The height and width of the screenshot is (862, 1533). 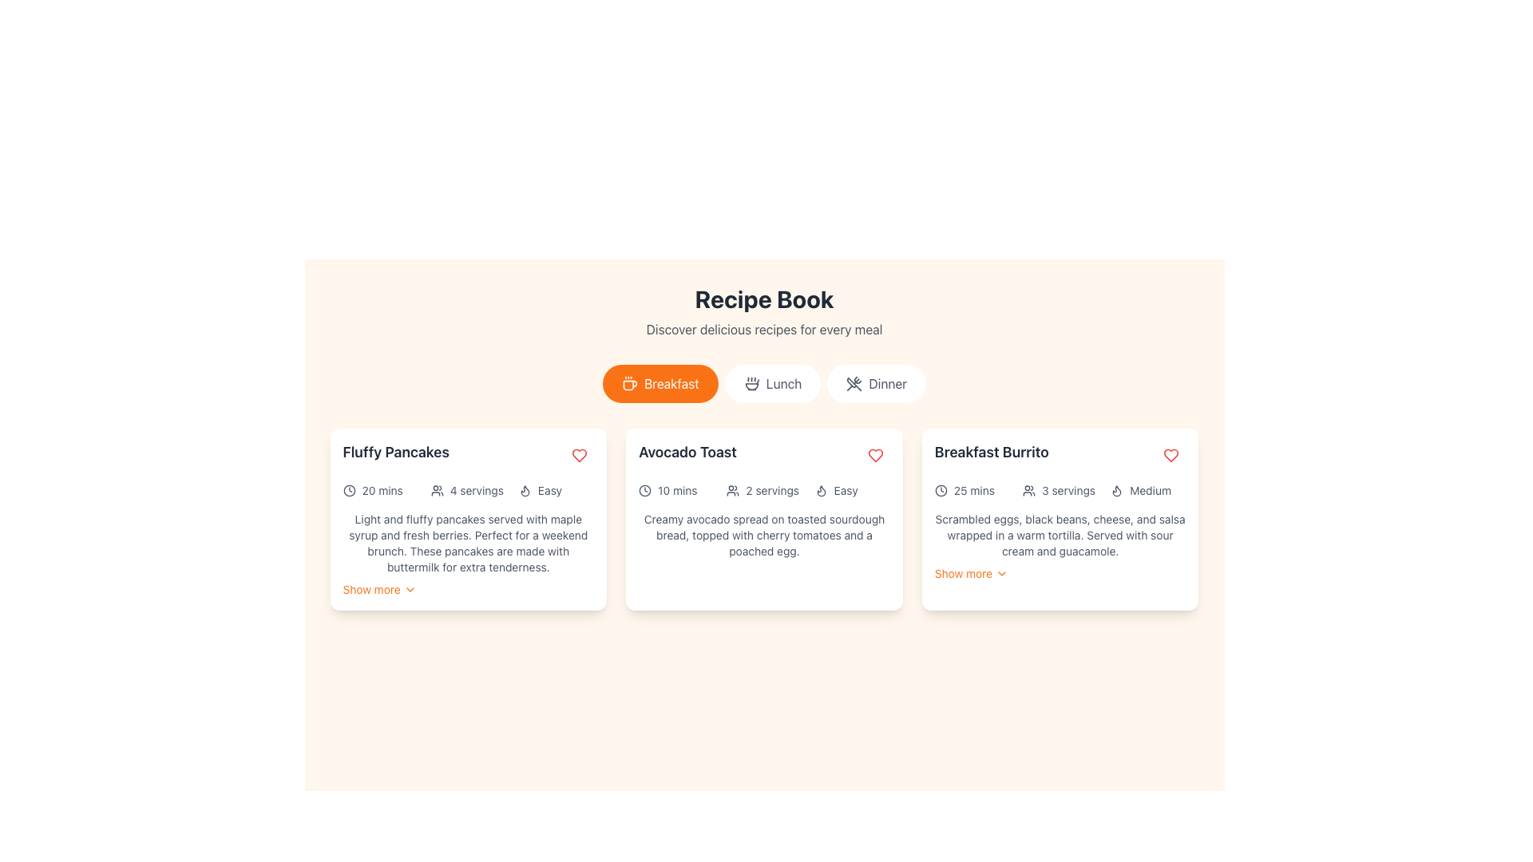 I want to click on the flame icon styled as an SVG graphic located in the top-right section of the 'Avocado Toast' recipe card, near the label 'Easy', so click(x=821, y=490).